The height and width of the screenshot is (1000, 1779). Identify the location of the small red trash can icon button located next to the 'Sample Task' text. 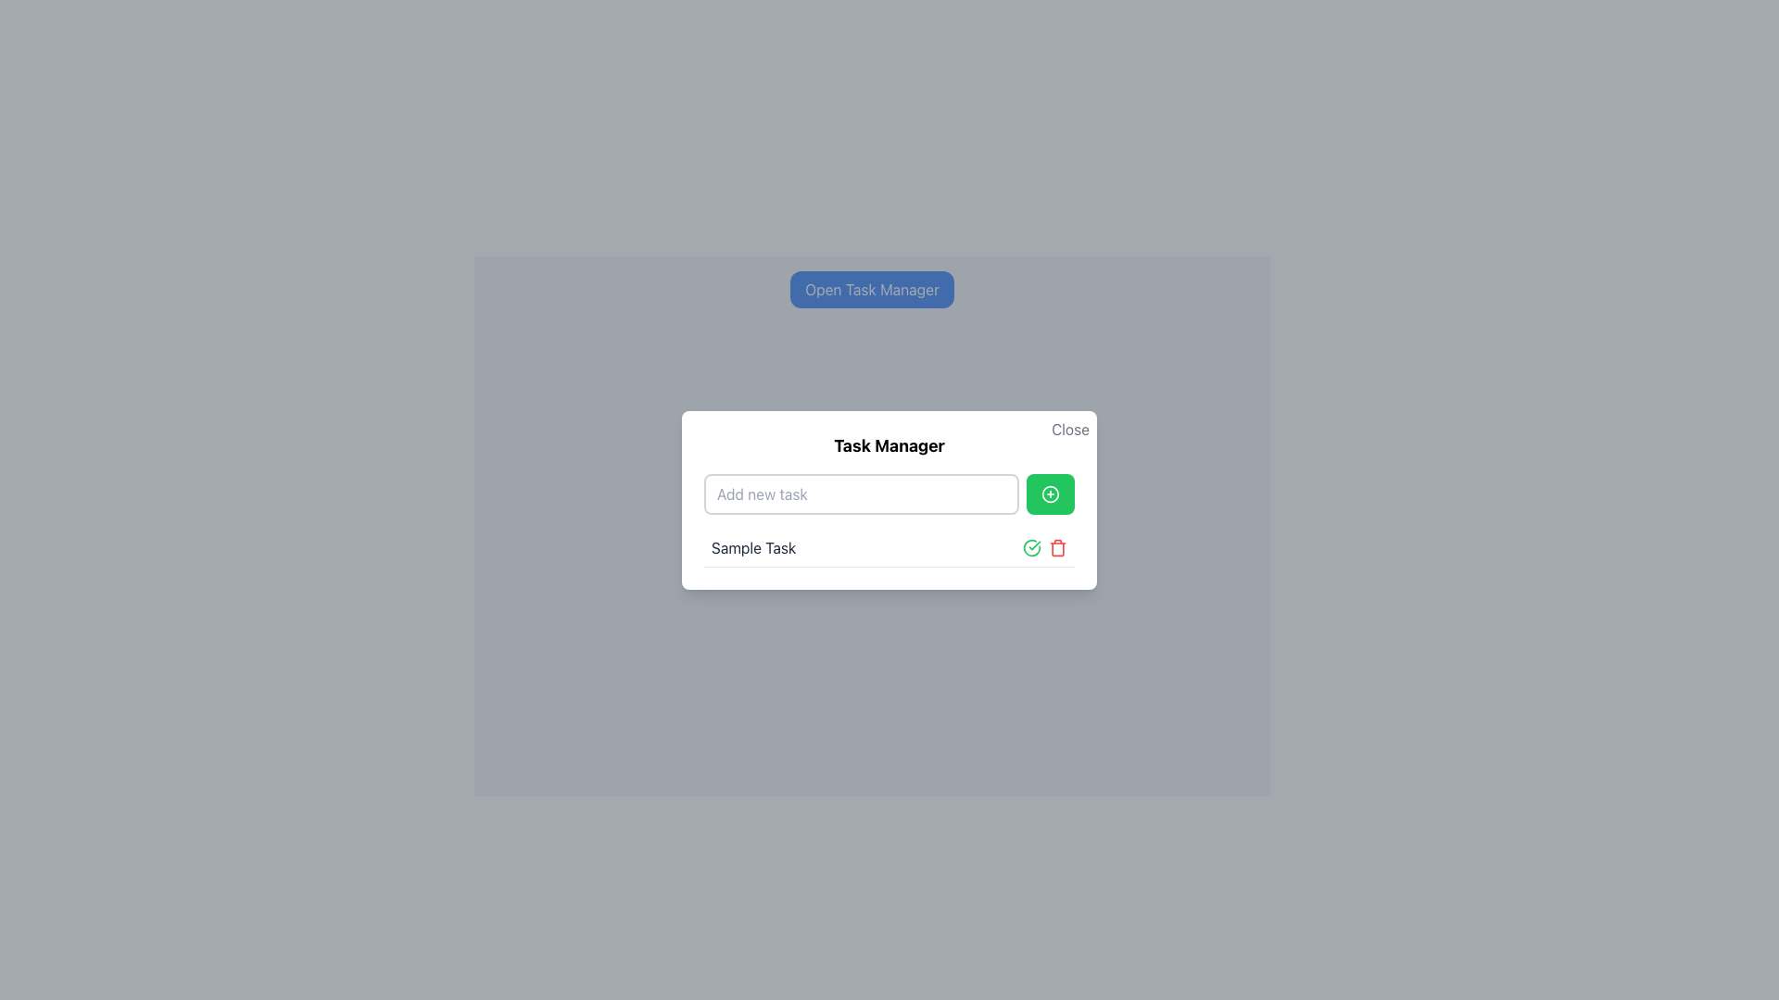
(1058, 546).